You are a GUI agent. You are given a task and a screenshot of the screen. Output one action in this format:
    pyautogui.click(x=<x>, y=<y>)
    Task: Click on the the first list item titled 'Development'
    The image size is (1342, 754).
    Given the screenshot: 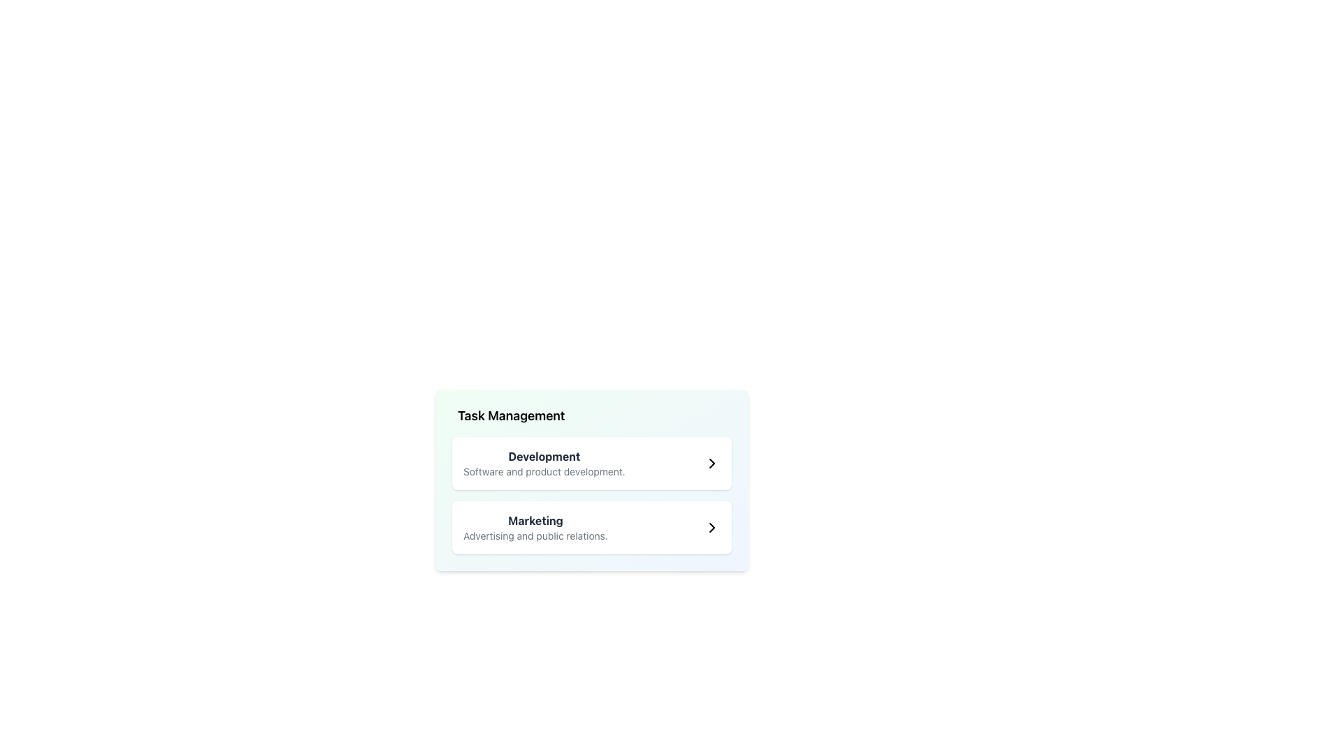 What is the action you would take?
    pyautogui.click(x=543, y=463)
    